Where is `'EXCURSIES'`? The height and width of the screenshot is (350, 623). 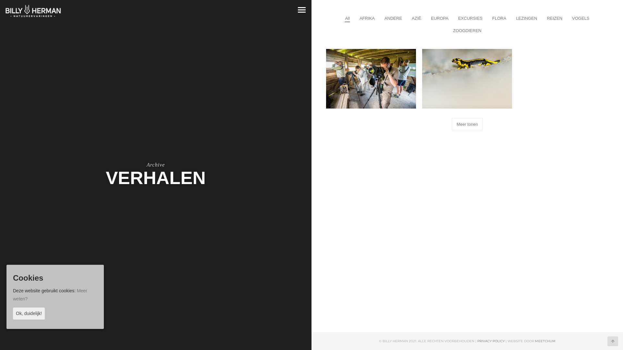 'EXCURSIES' is located at coordinates (470, 18).